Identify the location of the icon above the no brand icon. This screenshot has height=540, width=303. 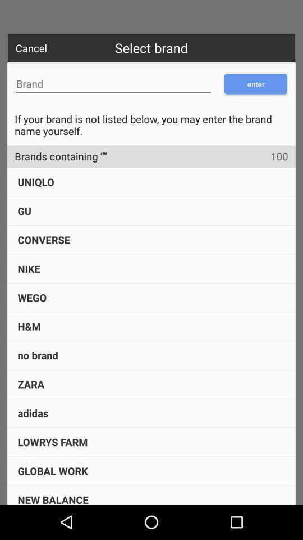
(29, 326).